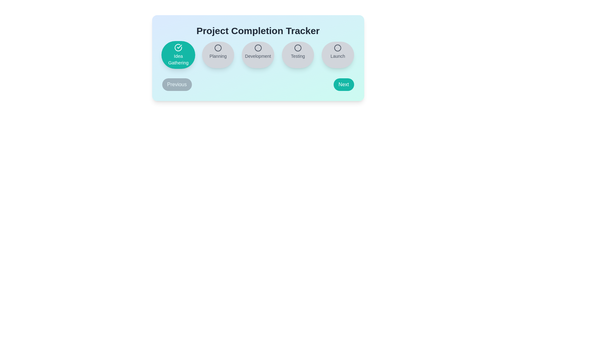  I want to click on a circular button in the 'Project Completion Tracker' navigation bar, so click(258, 54).